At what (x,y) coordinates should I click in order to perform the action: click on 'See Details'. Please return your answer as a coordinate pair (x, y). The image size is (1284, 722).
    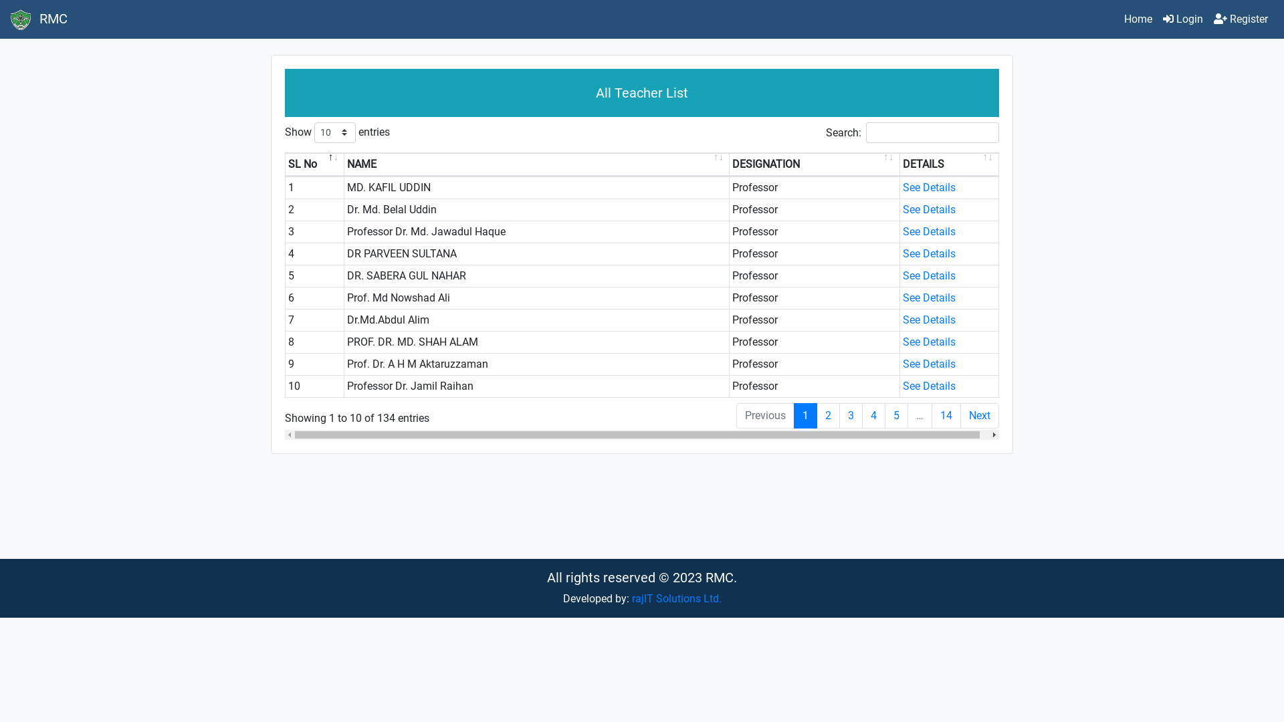
    Looking at the image, I should click on (928, 231).